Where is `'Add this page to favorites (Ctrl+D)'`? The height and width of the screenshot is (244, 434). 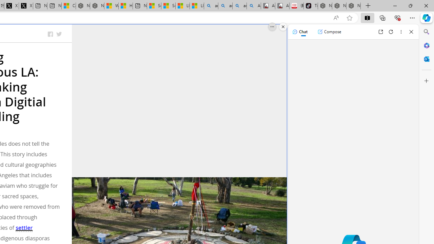
'Add this page to favorites (Ctrl+D)' is located at coordinates (350, 18).